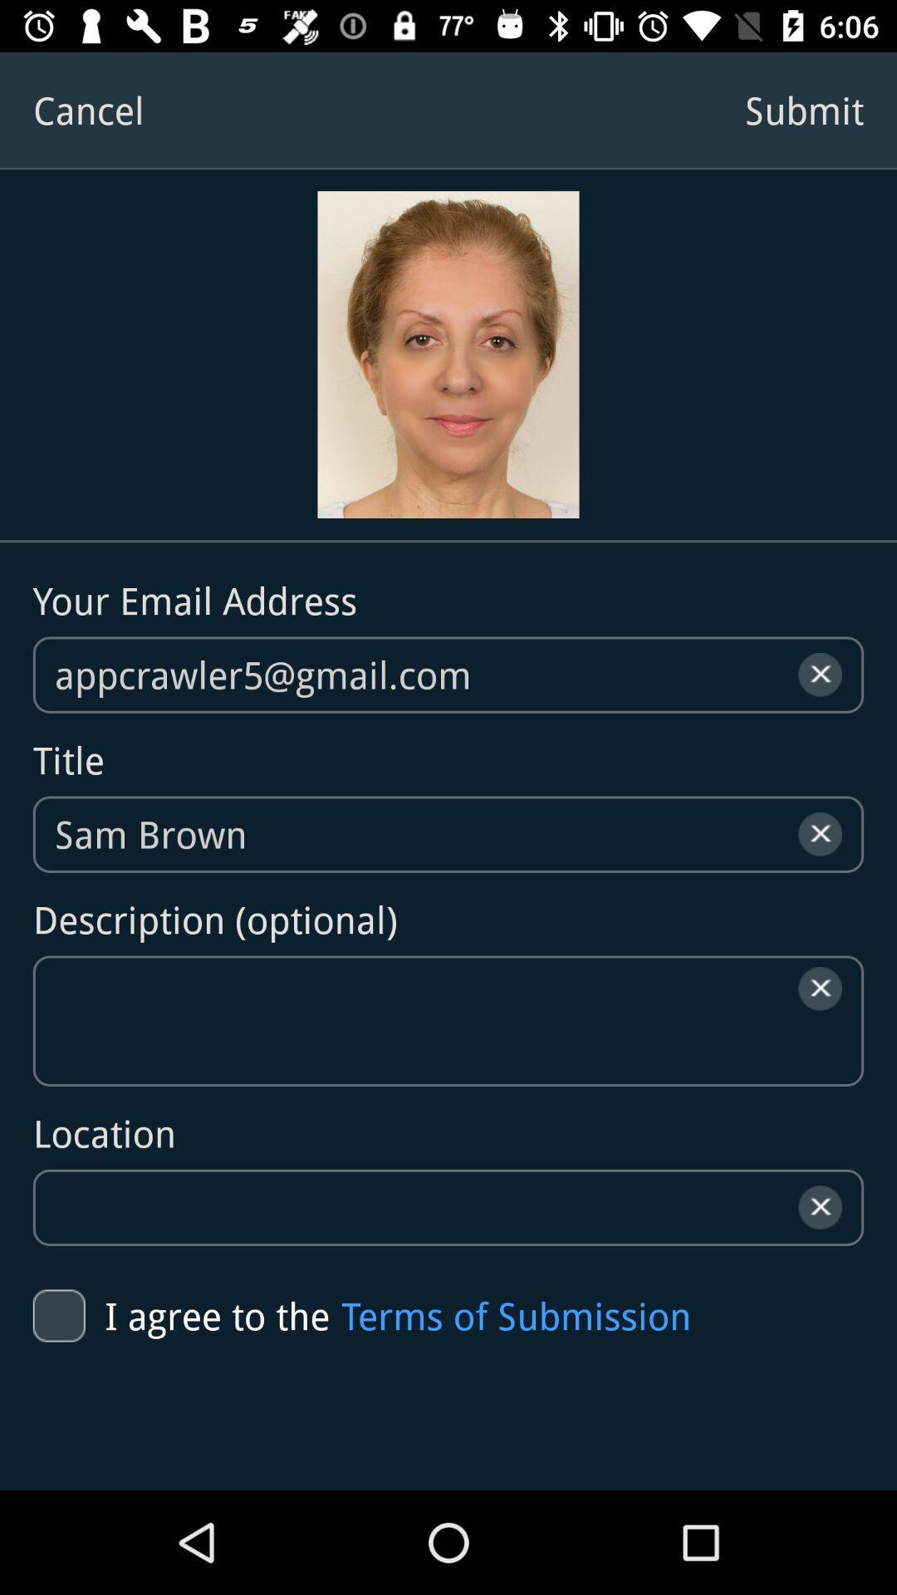 The width and height of the screenshot is (897, 1595). Describe the element at coordinates (819, 989) in the screenshot. I see `the close icon` at that location.